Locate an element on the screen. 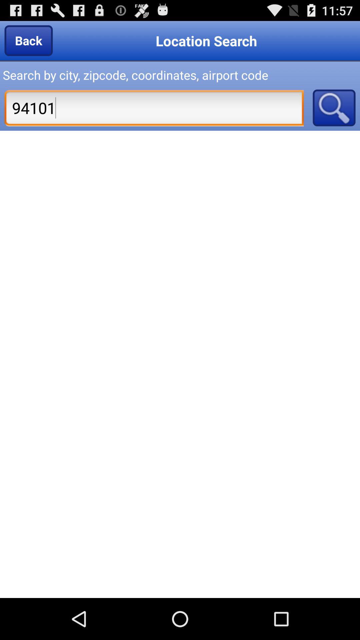 The width and height of the screenshot is (360, 640). the item at the center is located at coordinates (180, 364).